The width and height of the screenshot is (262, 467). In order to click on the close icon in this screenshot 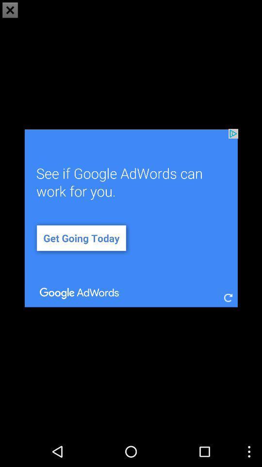, I will do `click(10, 10)`.